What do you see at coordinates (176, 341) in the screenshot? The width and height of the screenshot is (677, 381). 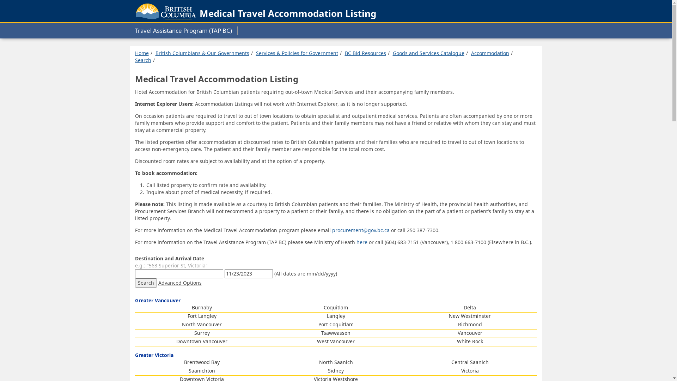 I see `'Downtown Vancouver'` at bounding box center [176, 341].